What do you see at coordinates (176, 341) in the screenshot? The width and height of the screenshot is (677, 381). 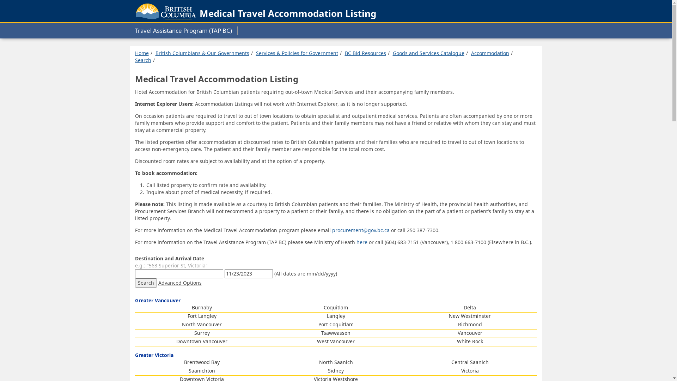 I see `'Downtown Vancouver'` at bounding box center [176, 341].